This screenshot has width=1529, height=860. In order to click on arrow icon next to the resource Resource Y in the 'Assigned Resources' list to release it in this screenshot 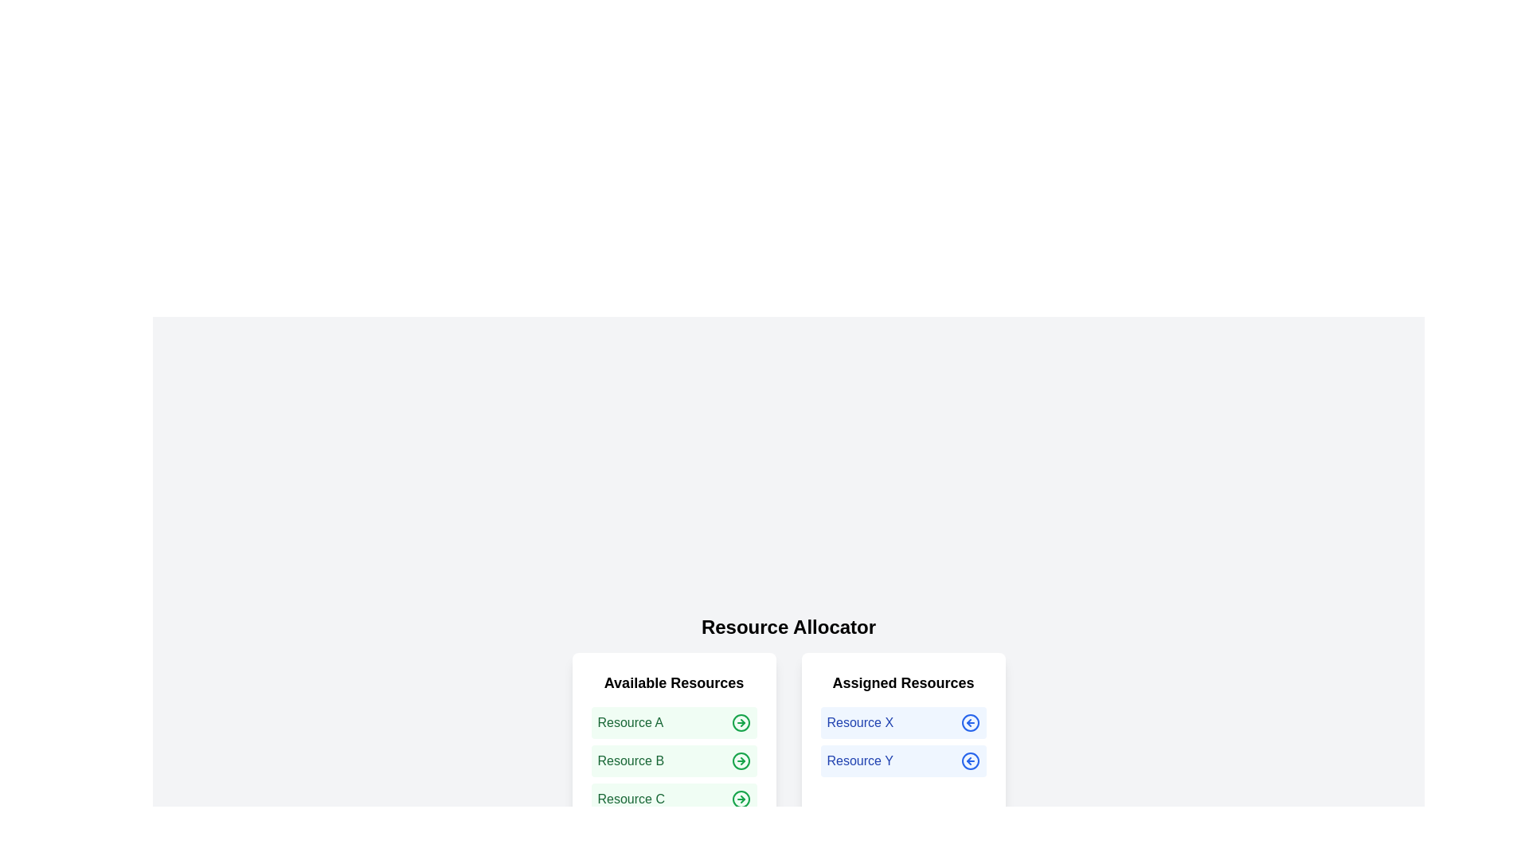, I will do `click(969, 760)`.